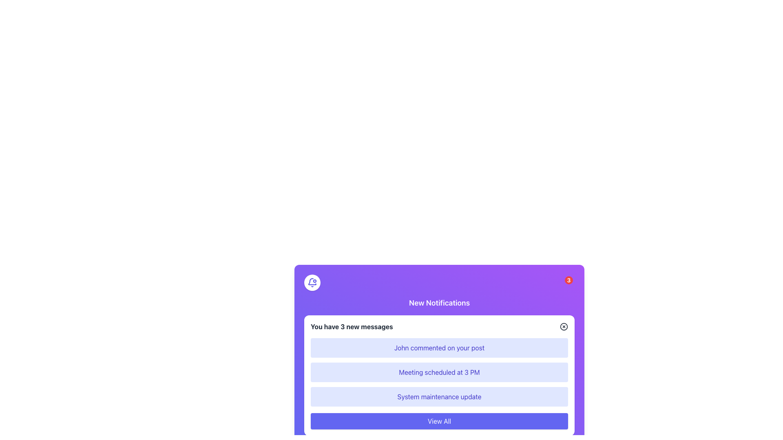 The image size is (783, 440). What do you see at coordinates (439, 372) in the screenshot?
I see `the group of text components that displays three notifications for quick updates, located within a white box with rounded corners below the header 'You have 3 new messages'` at bounding box center [439, 372].